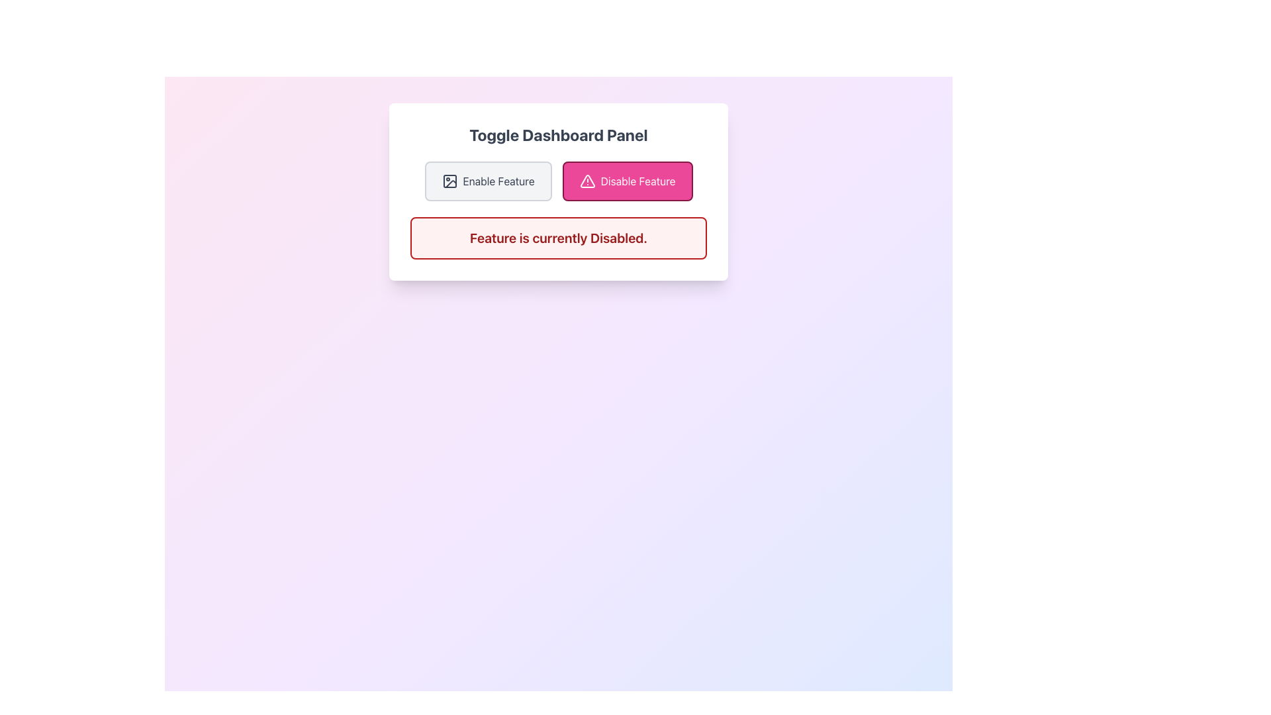 This screenshot has height=715, width=1271. What do you see at coordinates (487, 181) in the screenshot?
I see `the 'Enable Feature' button, which is a rectangular button with rounded corners, light gray background, dark gray border, and contains an icon and the label 'Enable Feature'` at bounding box center [487, 181].